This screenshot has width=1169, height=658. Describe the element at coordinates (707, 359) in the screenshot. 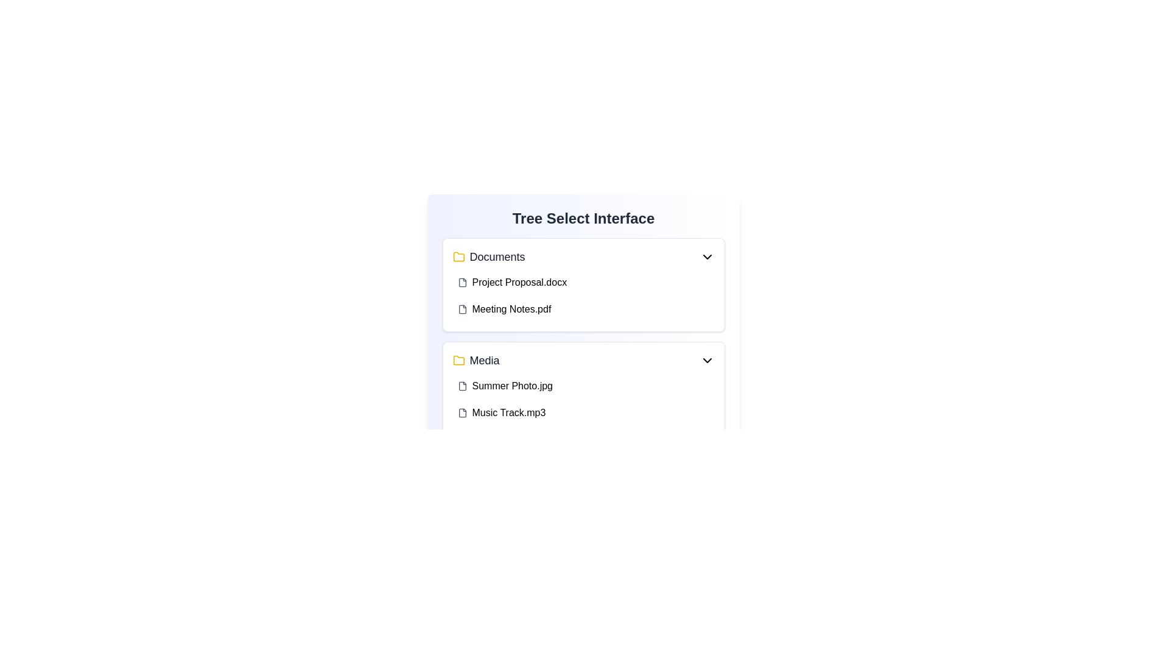

I see `the dropdown indicator icon located in the top-right corner of the 'Media' group` at that location.